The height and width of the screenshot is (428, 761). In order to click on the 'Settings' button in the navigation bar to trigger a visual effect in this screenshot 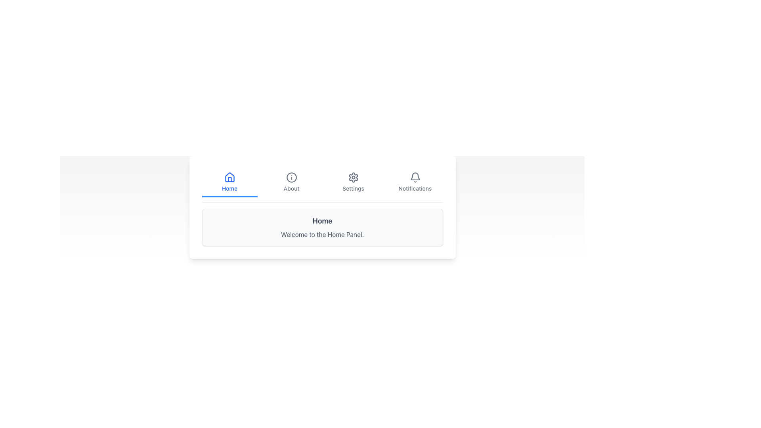, I will do `click(353, 183)`.